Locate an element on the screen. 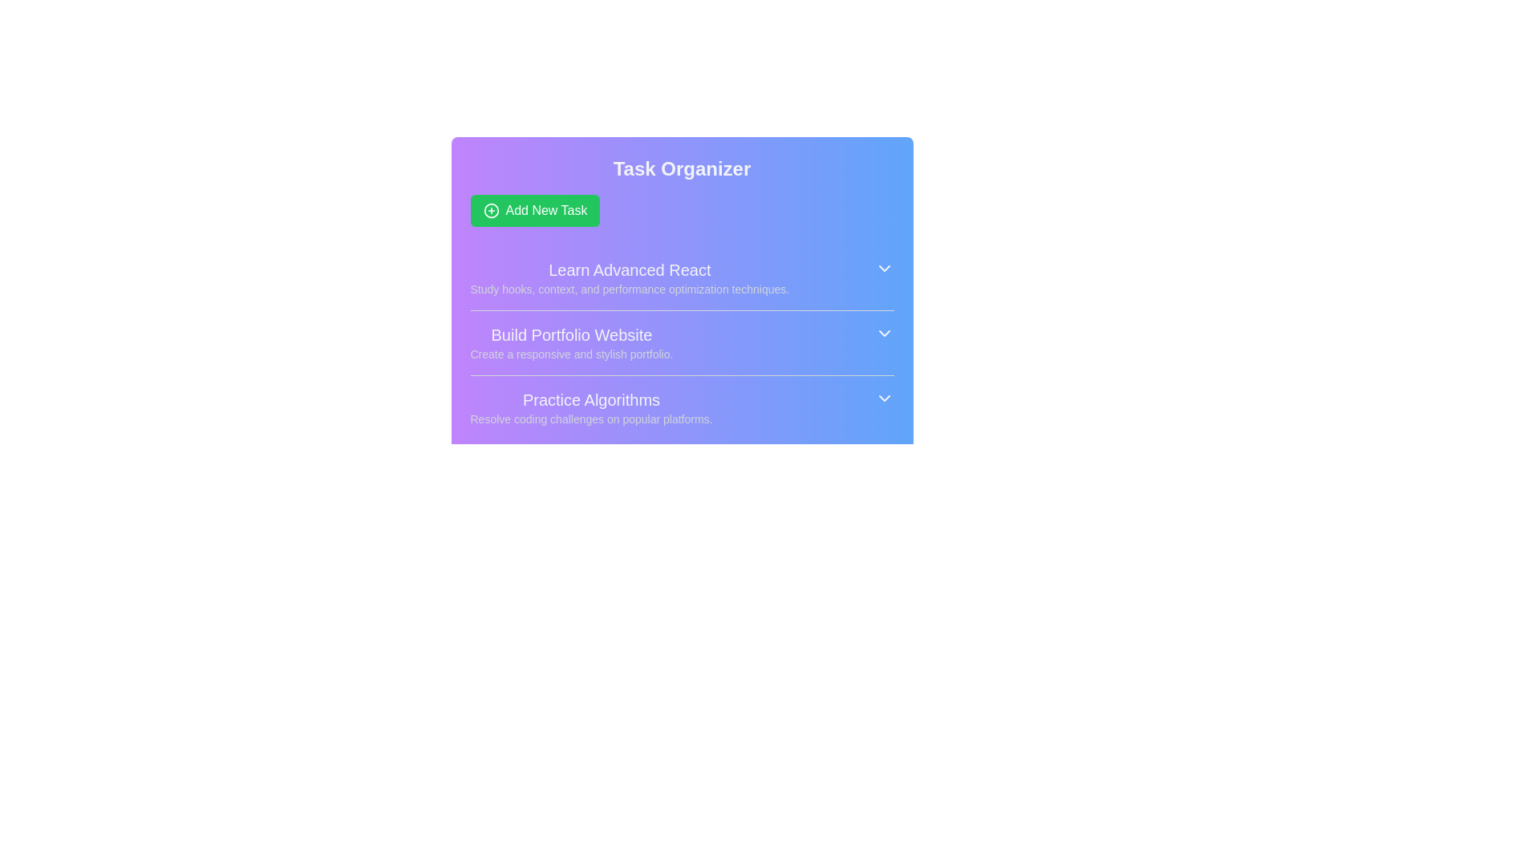  the chevron button located in the rightmost part of the 'Practice Algorithms' section is located at coordinates (883, 398).